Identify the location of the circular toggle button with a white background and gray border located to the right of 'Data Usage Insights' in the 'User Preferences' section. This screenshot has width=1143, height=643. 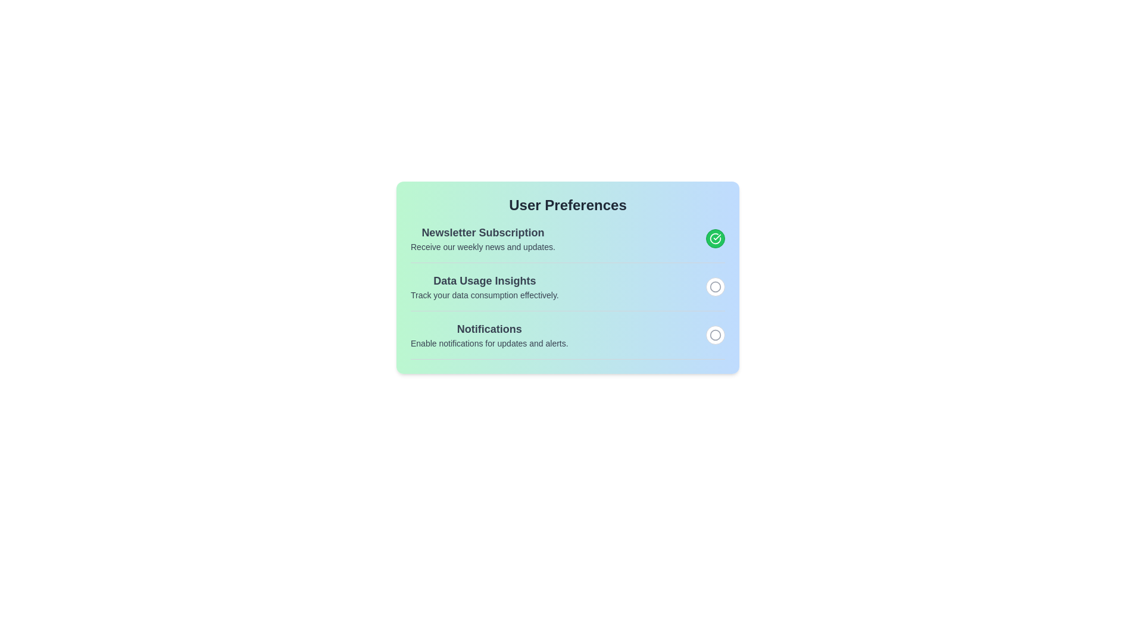
(714, 287).